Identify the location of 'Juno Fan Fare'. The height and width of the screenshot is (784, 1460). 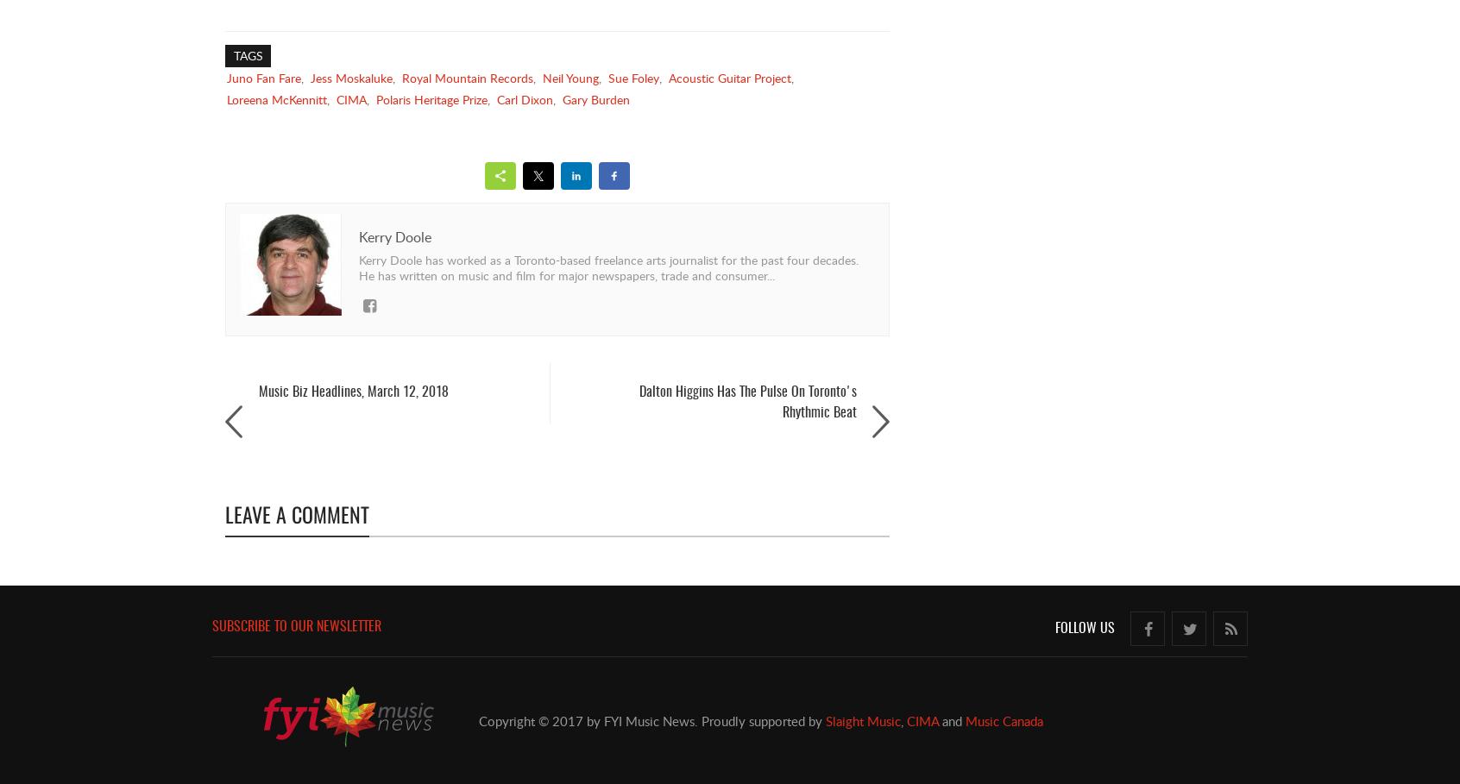
(263, 77).